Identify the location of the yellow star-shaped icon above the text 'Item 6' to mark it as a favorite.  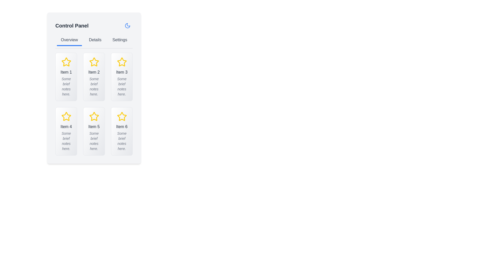
(121, 117).